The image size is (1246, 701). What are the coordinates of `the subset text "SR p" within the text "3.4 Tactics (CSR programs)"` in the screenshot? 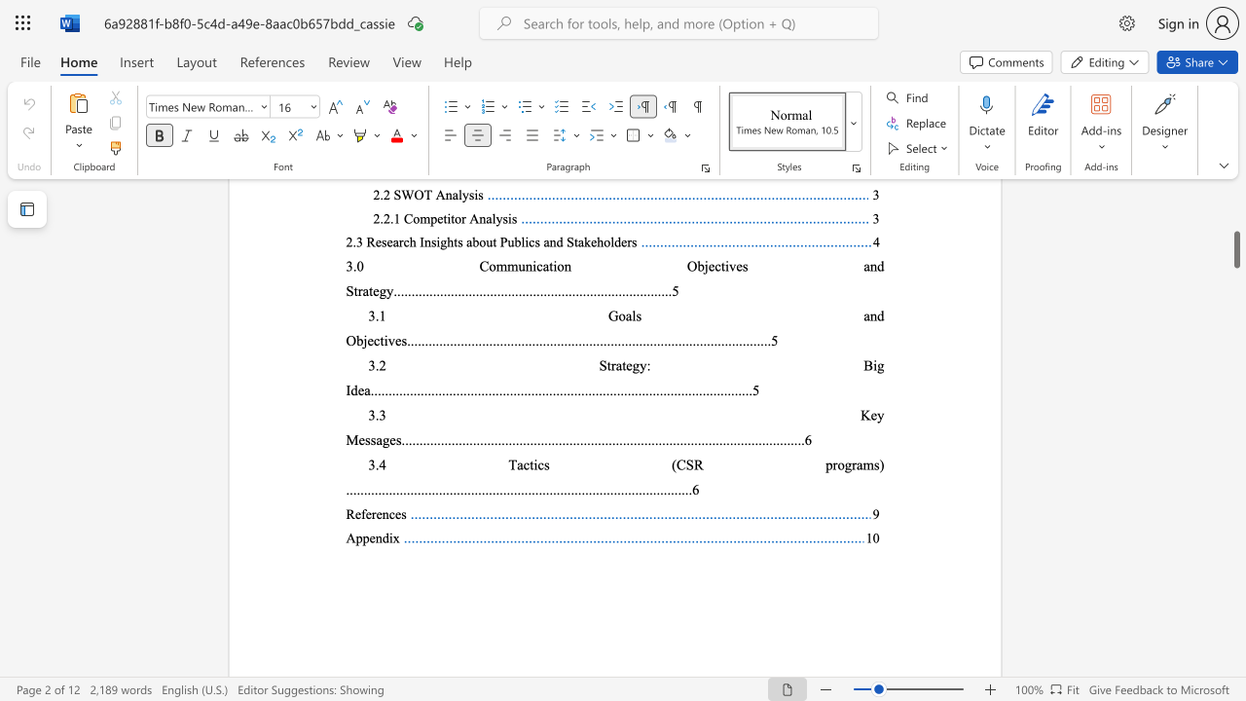 It's located at (685, 464).